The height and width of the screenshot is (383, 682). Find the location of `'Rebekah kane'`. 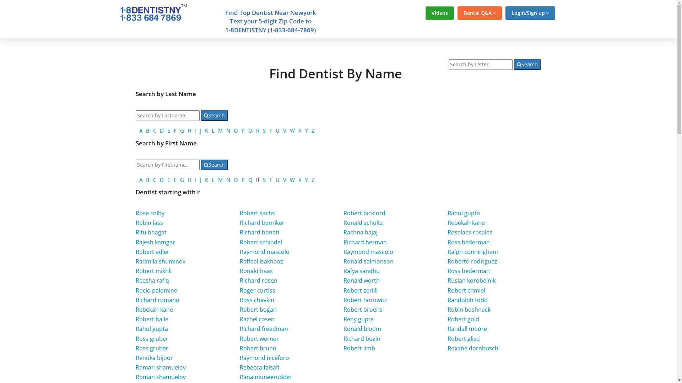

'Rebekah kane' is located at coordinates (466, 222).